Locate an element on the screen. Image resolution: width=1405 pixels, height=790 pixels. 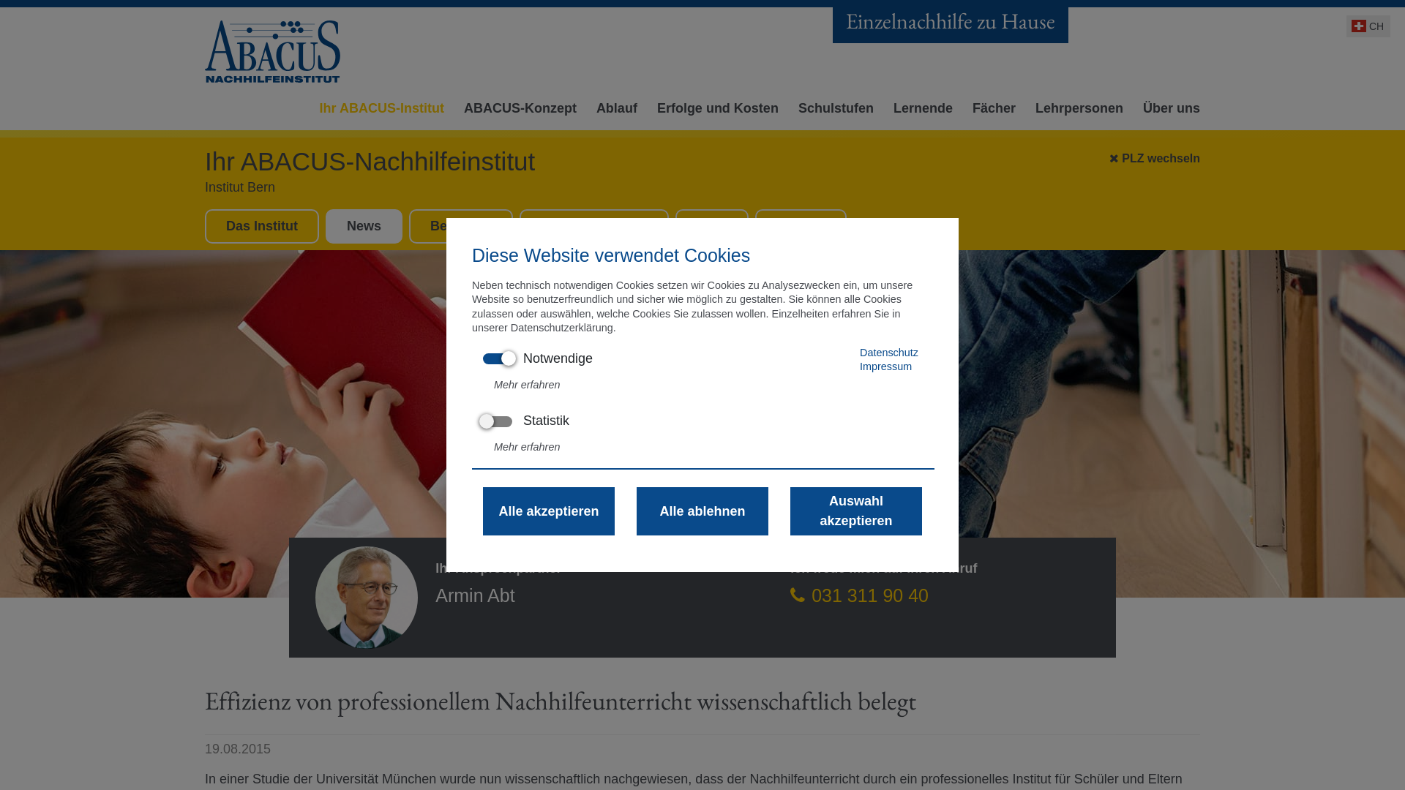
'Datenschutz' is located at coordinates (860, 353).